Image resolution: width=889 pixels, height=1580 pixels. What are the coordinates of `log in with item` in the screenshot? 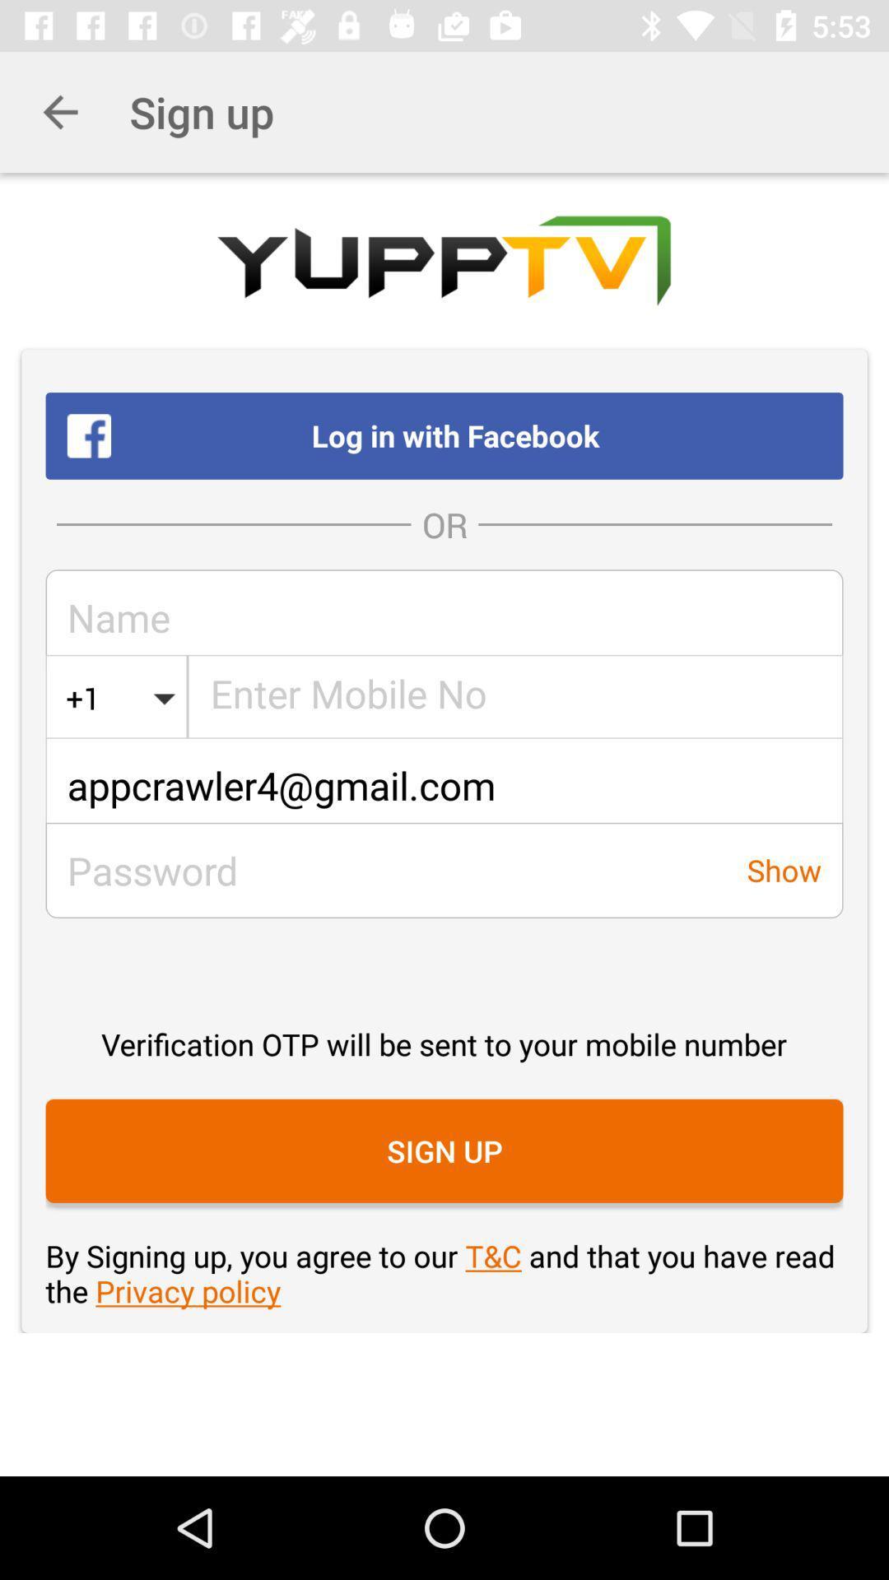 It's located at (444, 435).